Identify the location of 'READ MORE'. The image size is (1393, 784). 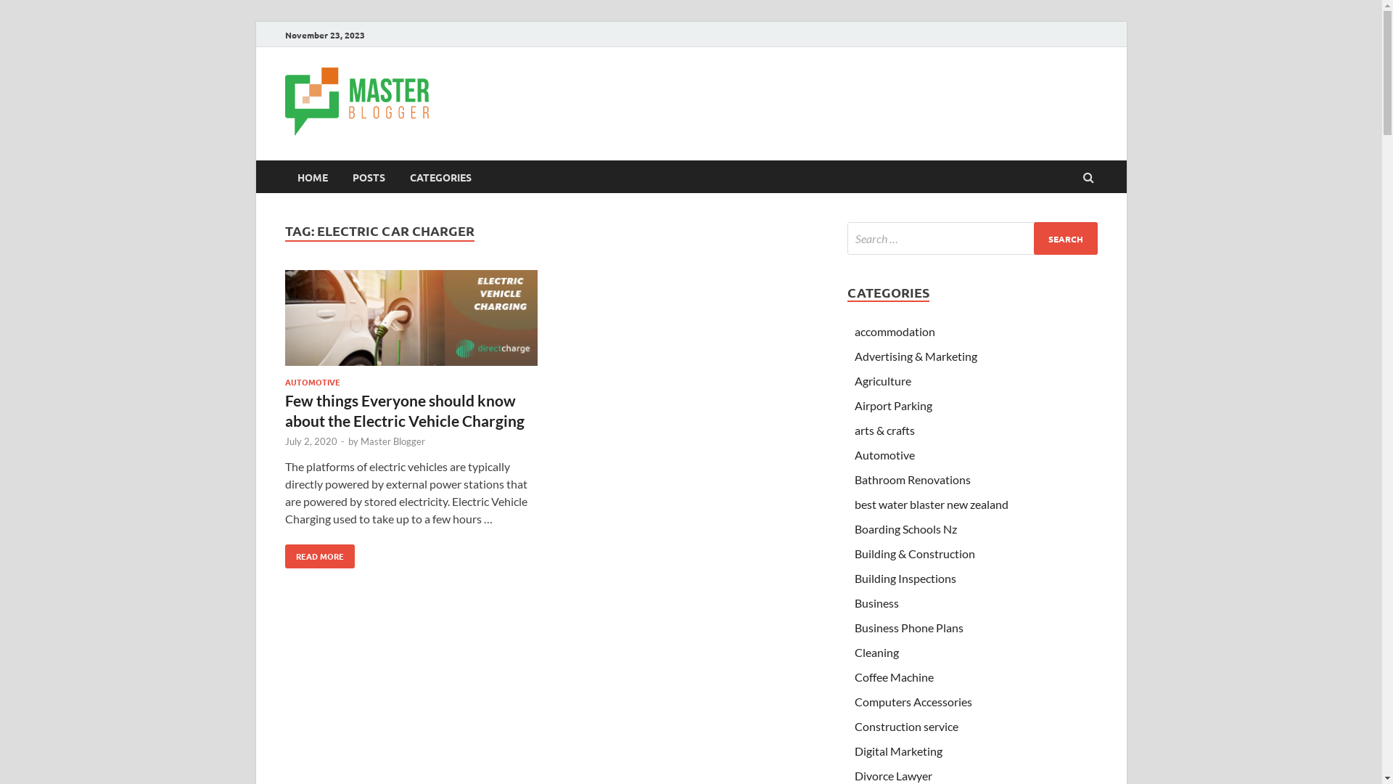
(319, 555).